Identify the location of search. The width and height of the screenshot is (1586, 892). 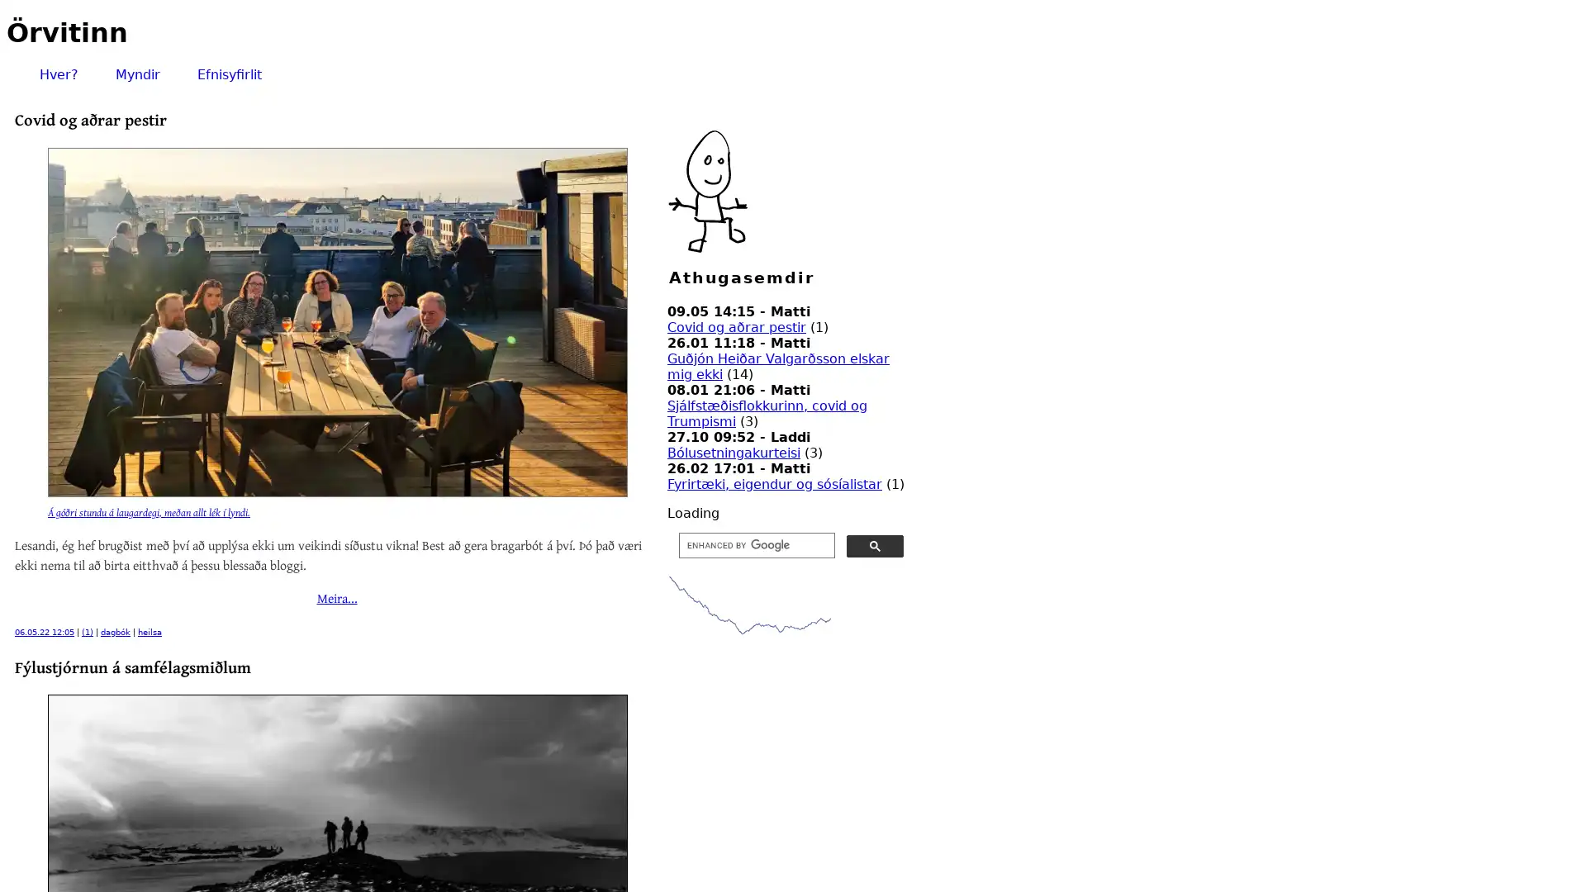
(874, 545).